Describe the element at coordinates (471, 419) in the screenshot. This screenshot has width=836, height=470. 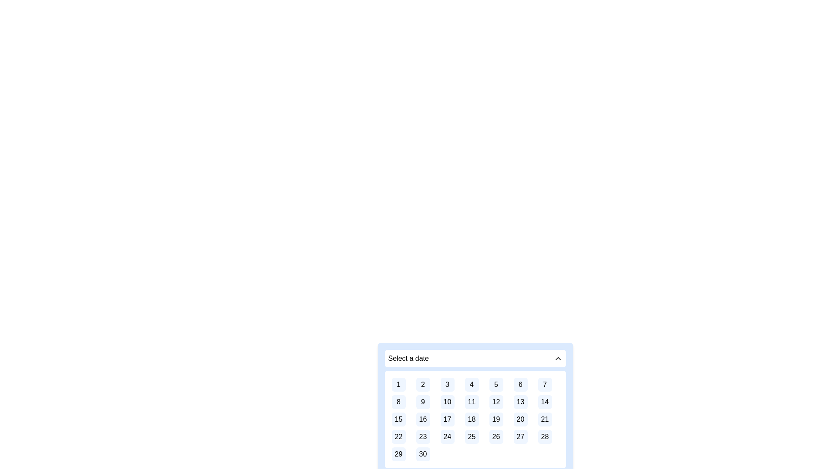
I see `the square-shaped button with a rounded border and the number '18' in black, which has a light blue background` at that location.